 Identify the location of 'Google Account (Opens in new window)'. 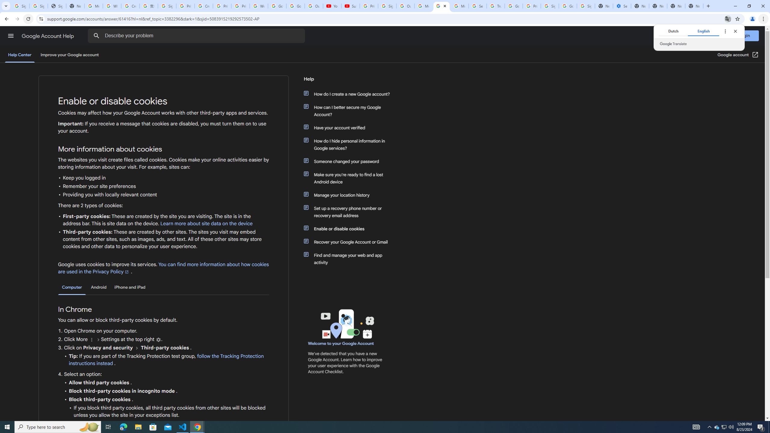
(738, 54).